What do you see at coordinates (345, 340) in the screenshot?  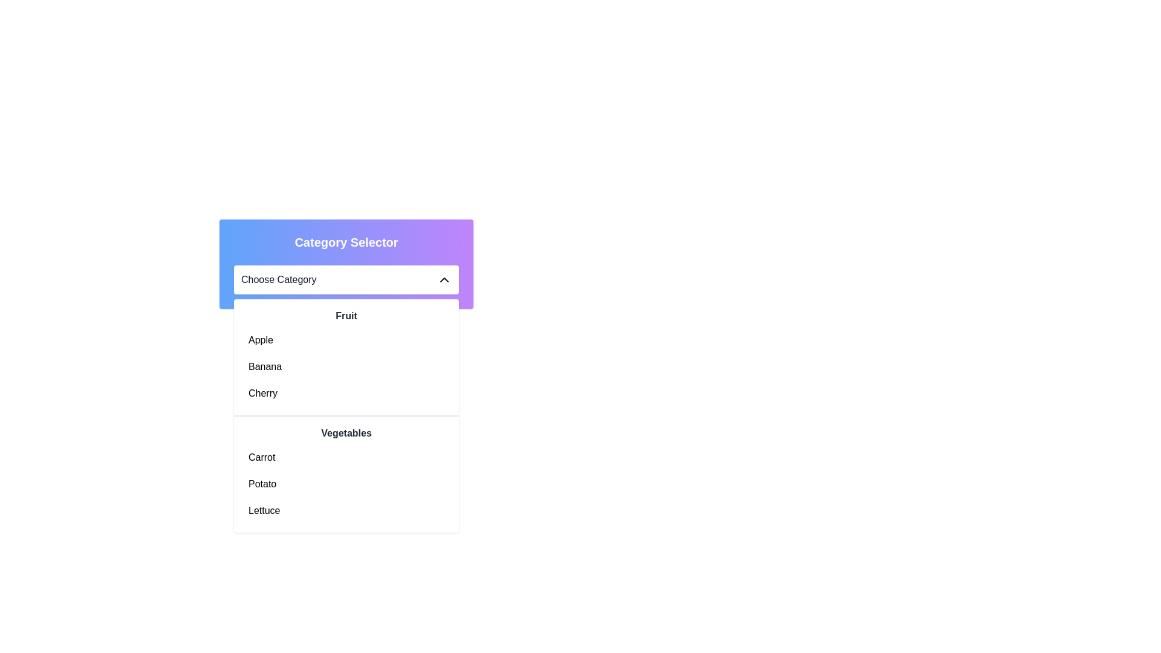 I see `the first selectable item labeled 'Apple' in the 'Fruit' dropdown menu to trigger hover effects` at bounding box center [345, 340].